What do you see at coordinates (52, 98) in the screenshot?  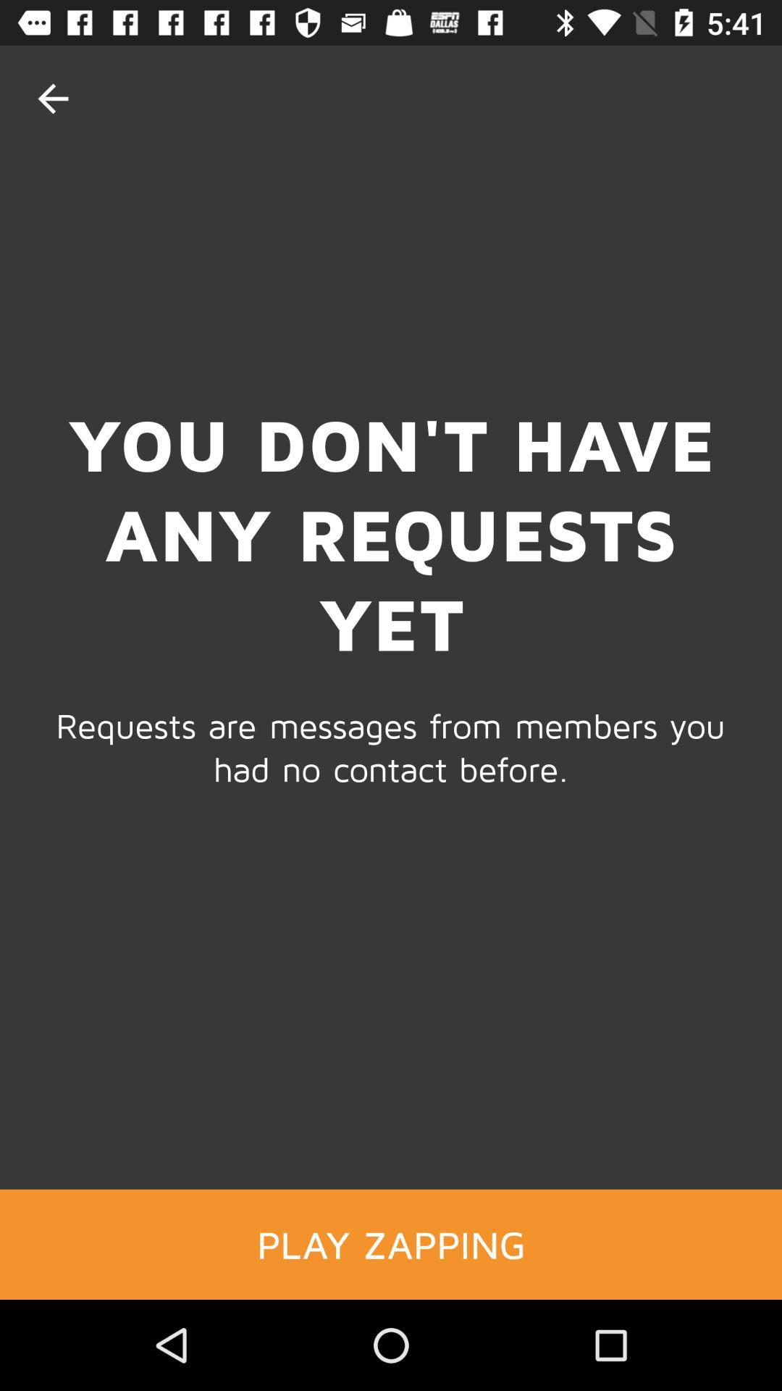 I see `item at the top left corner` at bounding box center [52, 98].